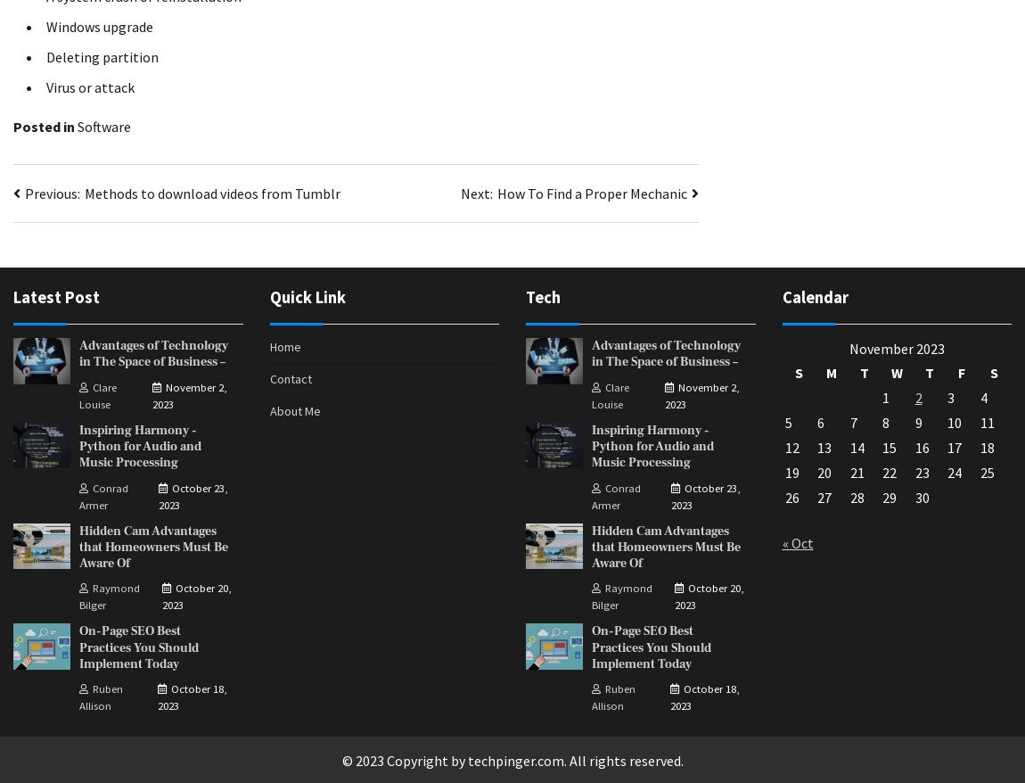 This screenshot has height=783, width=1025. What do you see at coordinates (496, 193) in the screenshot?
I see `'How To Find a Proper Mechanic'` at bounding box center [496, 193].